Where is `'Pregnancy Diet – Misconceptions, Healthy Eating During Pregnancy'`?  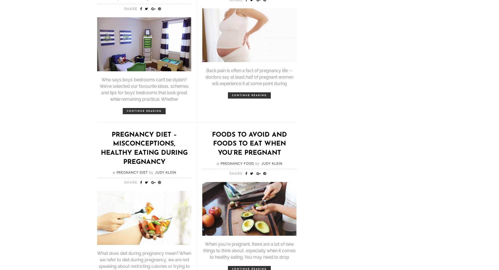
'Pregnancy Diet – Misconceptions, Healthy Eating During Pregnancy' is located at coordinates (100, 148).